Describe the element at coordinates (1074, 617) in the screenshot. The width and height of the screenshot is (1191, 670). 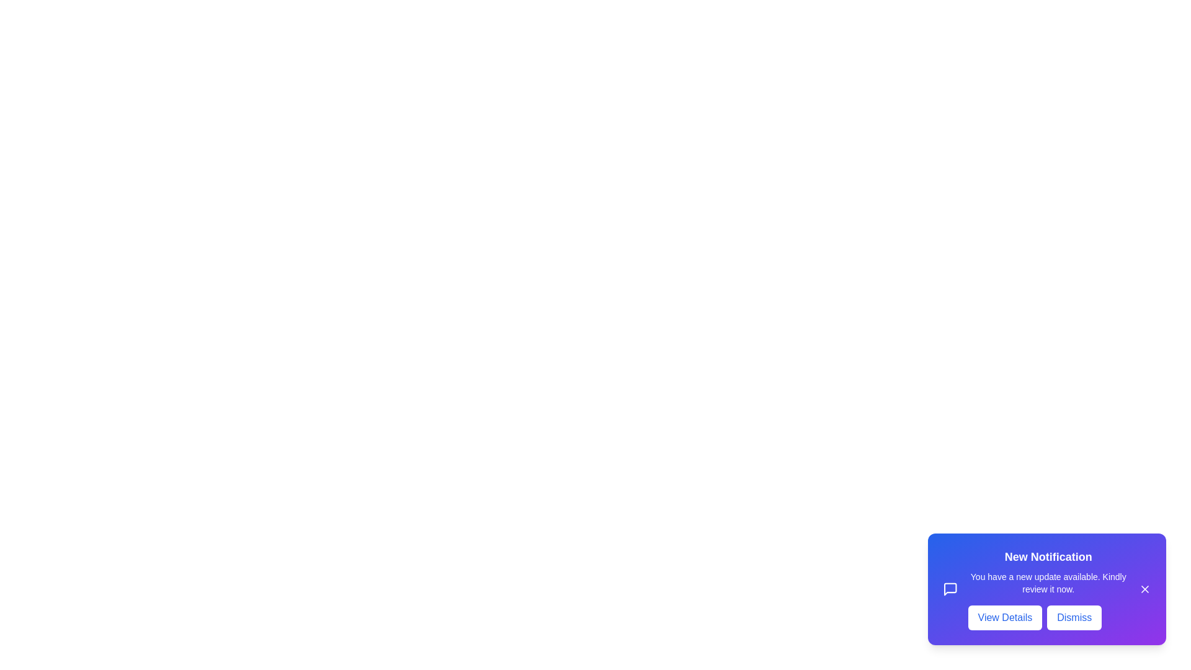
I see `'Dismiss' button` at that location.